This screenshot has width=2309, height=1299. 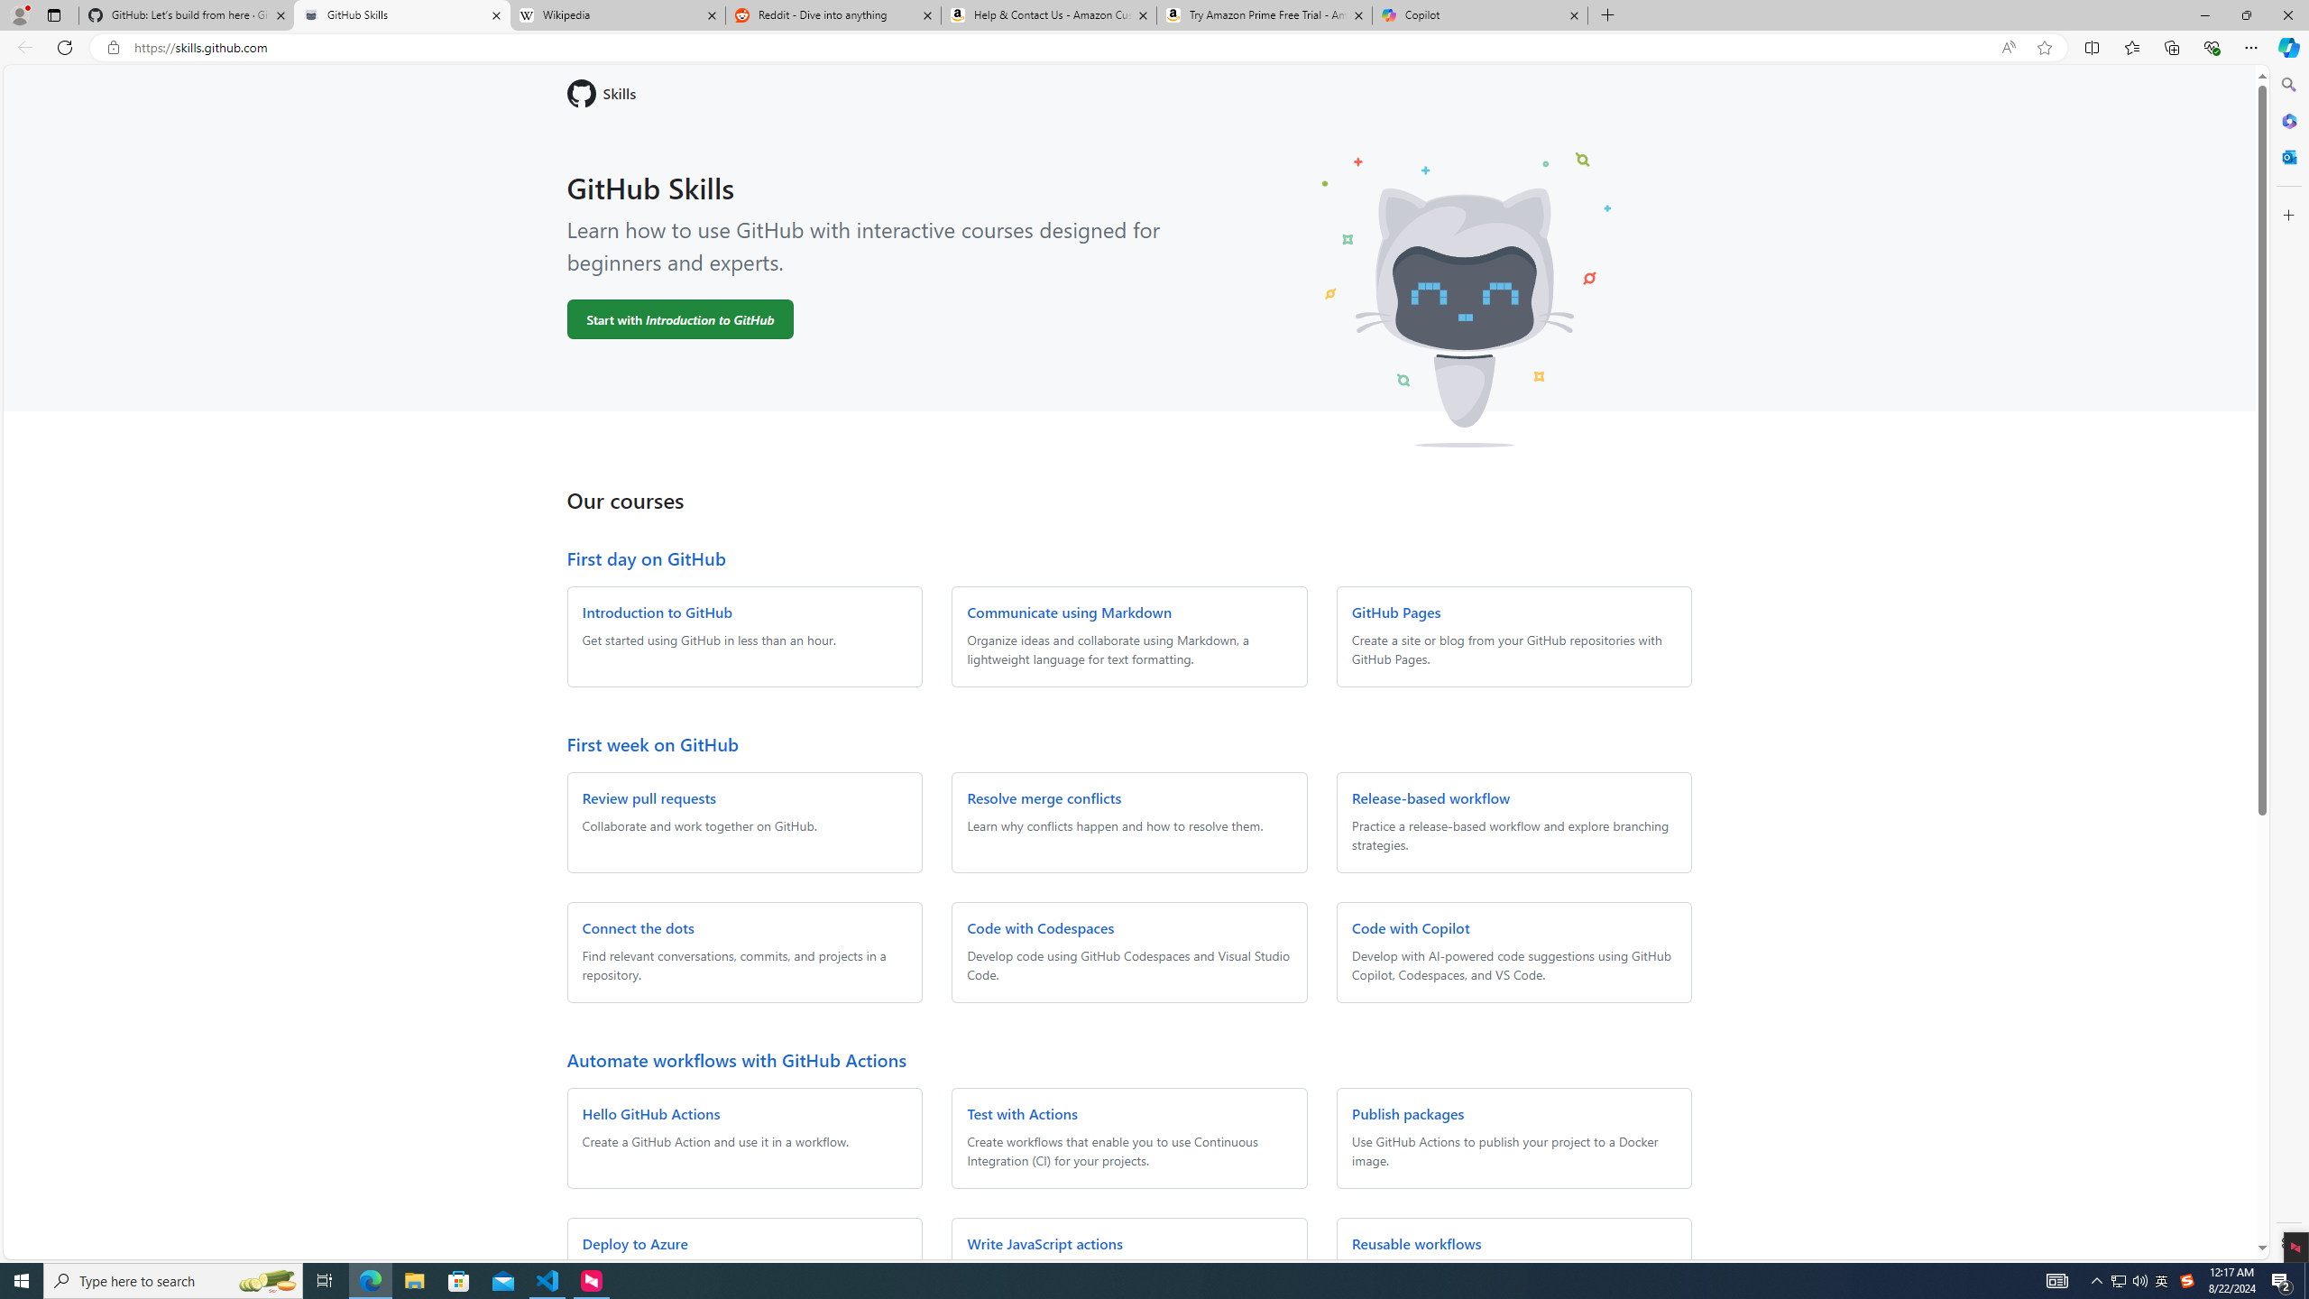 I want to click on 'Resolve merge conflicts', so click(x=1044, y=797).